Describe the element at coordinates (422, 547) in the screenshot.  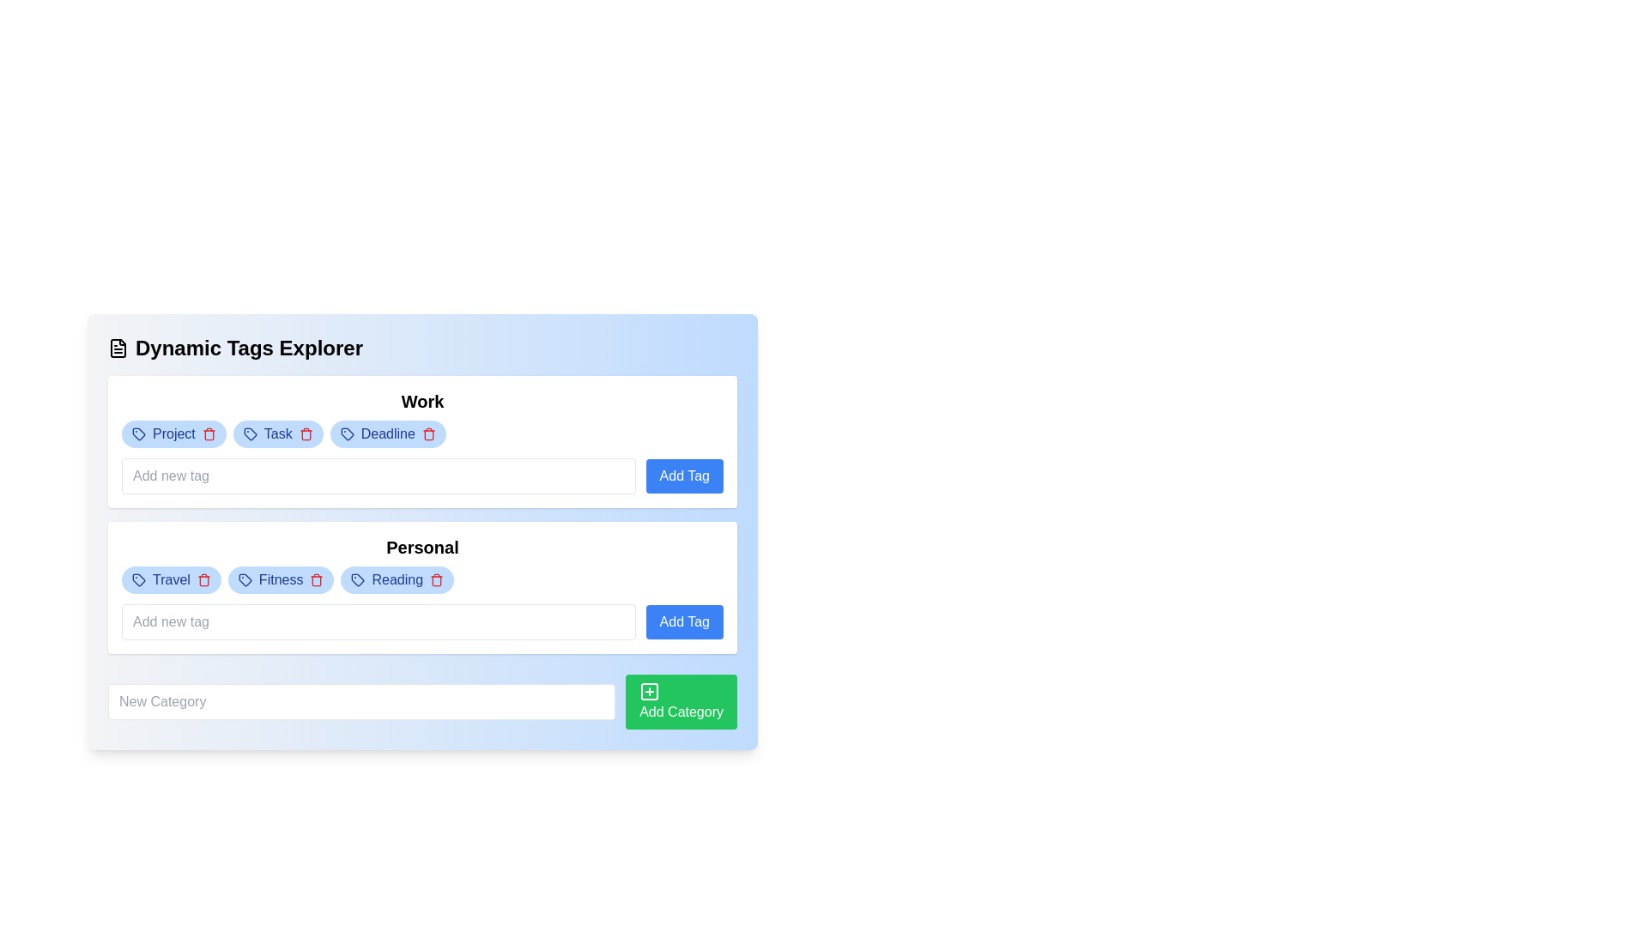
I see `the bold text label that reads 'Personal', which serves as a heading for the section located beneath the 'Work' section` at that location.